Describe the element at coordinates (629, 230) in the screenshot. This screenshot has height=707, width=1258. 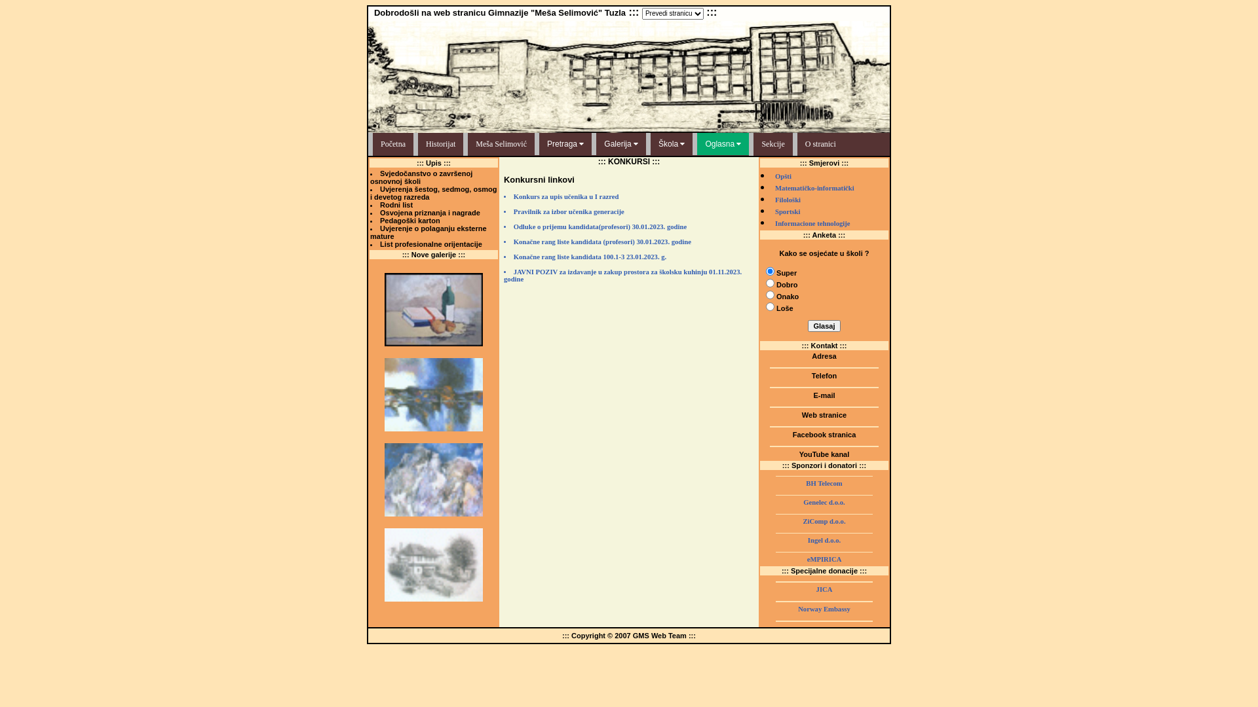
I see `'Odluke o prijemu kandidata(profesori) 30.01.2023. godine'` at that location.